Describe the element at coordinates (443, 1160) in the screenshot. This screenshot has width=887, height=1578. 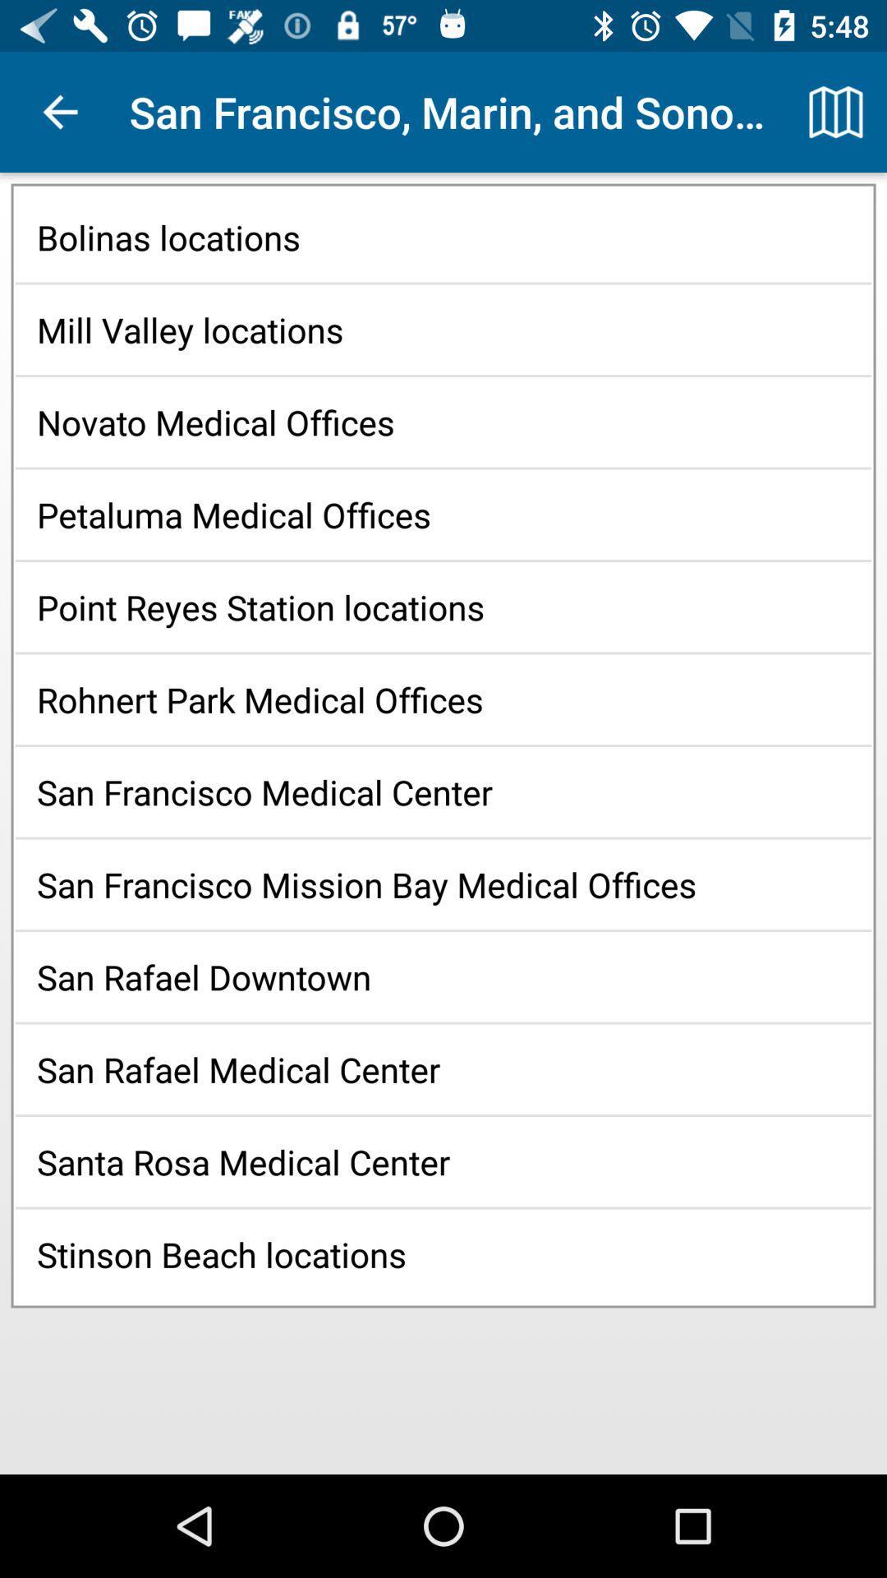
I see `icon above stinson beach locations item` at that location.